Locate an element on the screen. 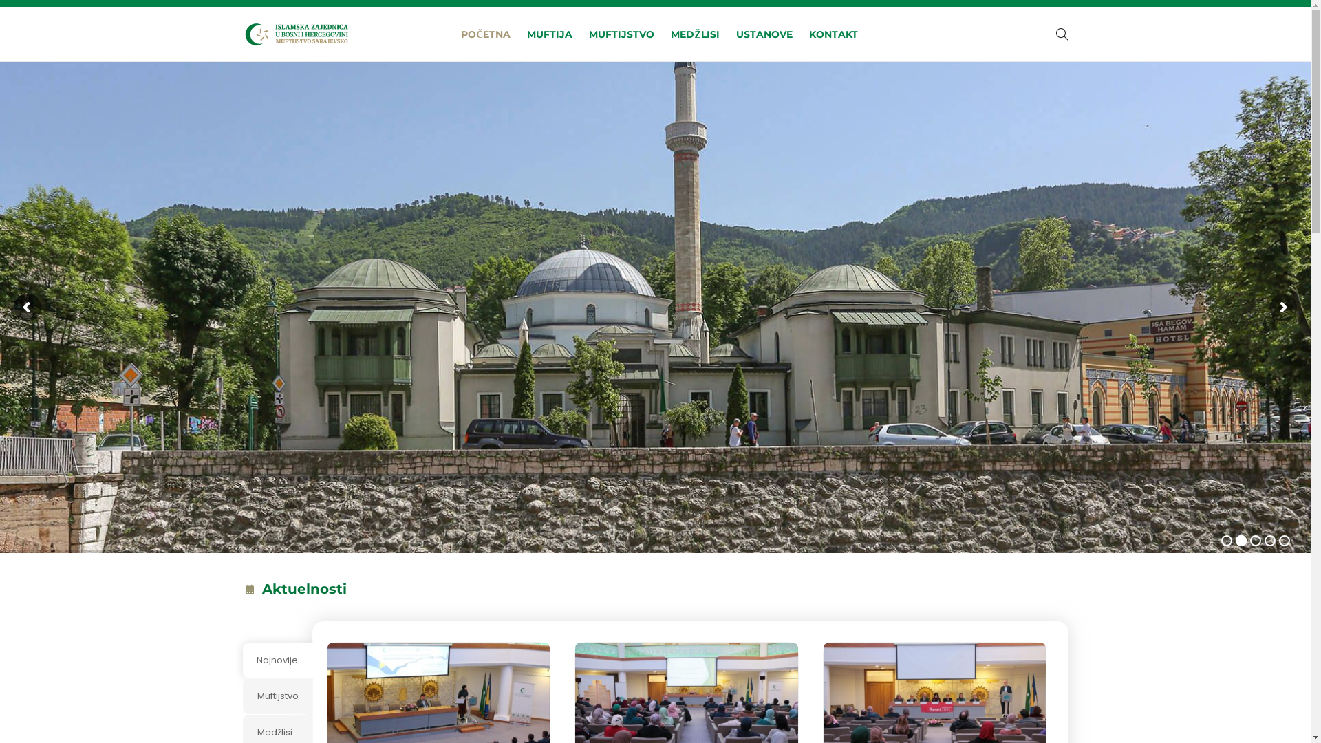 The height and width of the screenshot is (743, 1321). 'MUFTIJA' is located at coordinates (548, 34).